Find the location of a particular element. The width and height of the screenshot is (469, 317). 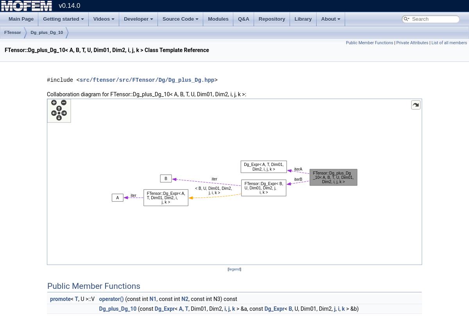

'(const int' is located at coordinates (136, 298).